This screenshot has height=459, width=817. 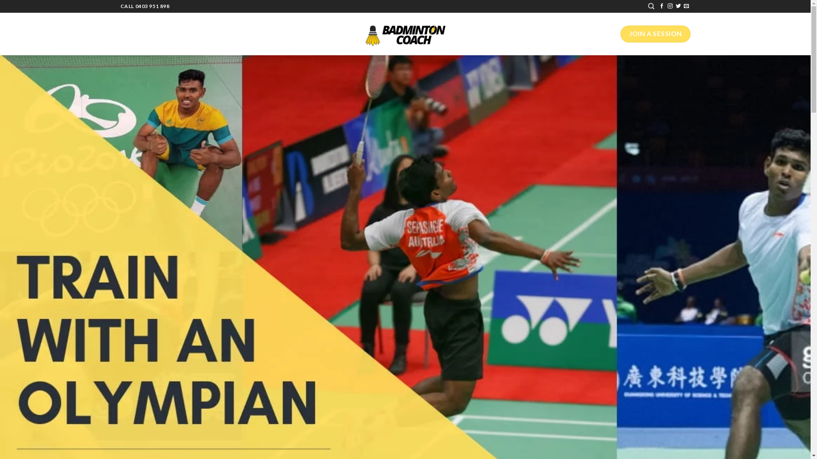 What do you see at coordinates (661, 6) in the screenshot?
I see `'Follow on Facebook'` at bounding box center [661, 6].